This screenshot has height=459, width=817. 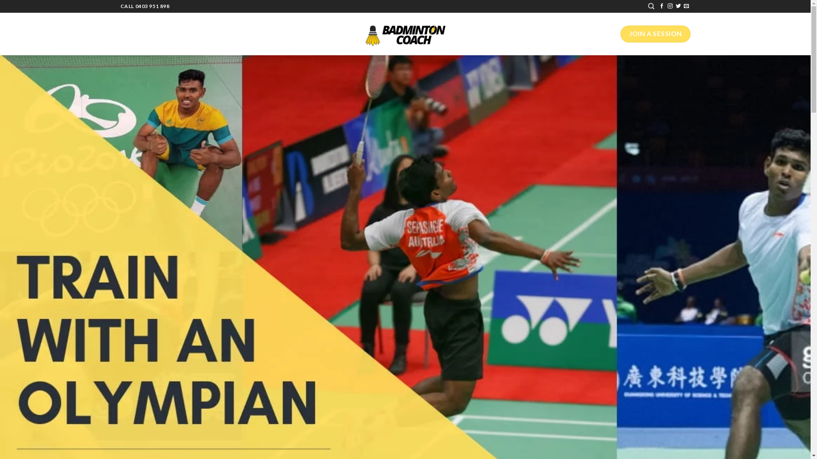 What do you see at coordinates (661, 6) in the screenshot?
I see `'Follow on Facebook'` at bounding box center [661, 6].